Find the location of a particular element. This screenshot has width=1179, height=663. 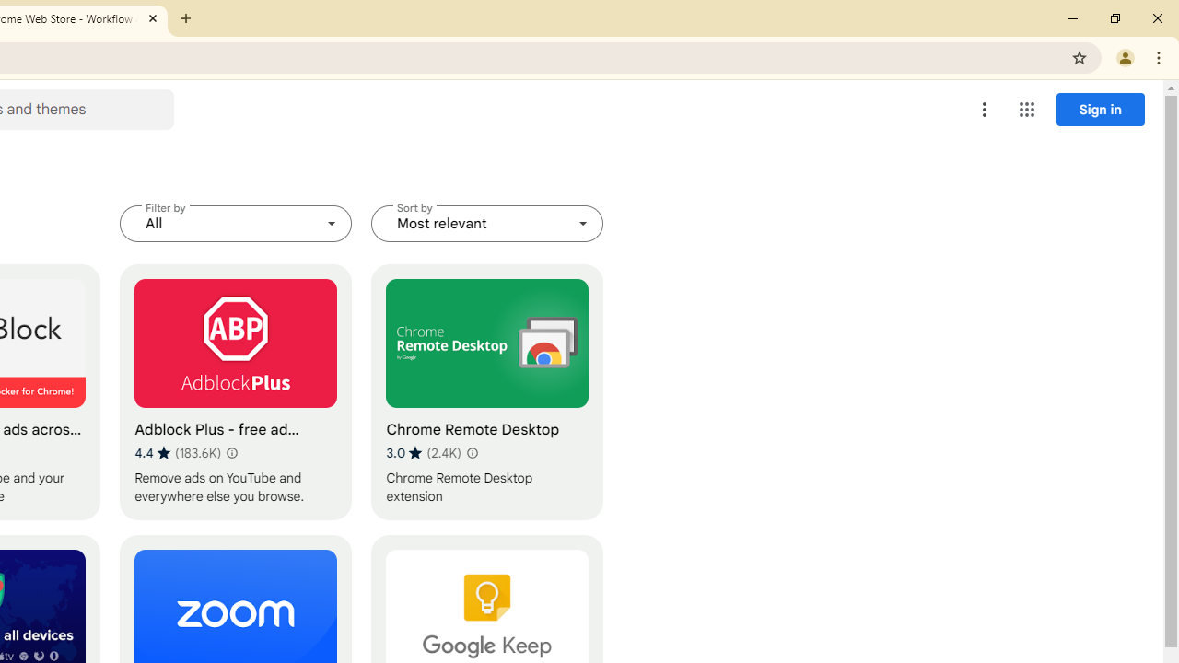

'Filter by All' is located at coordinates (235, 223).